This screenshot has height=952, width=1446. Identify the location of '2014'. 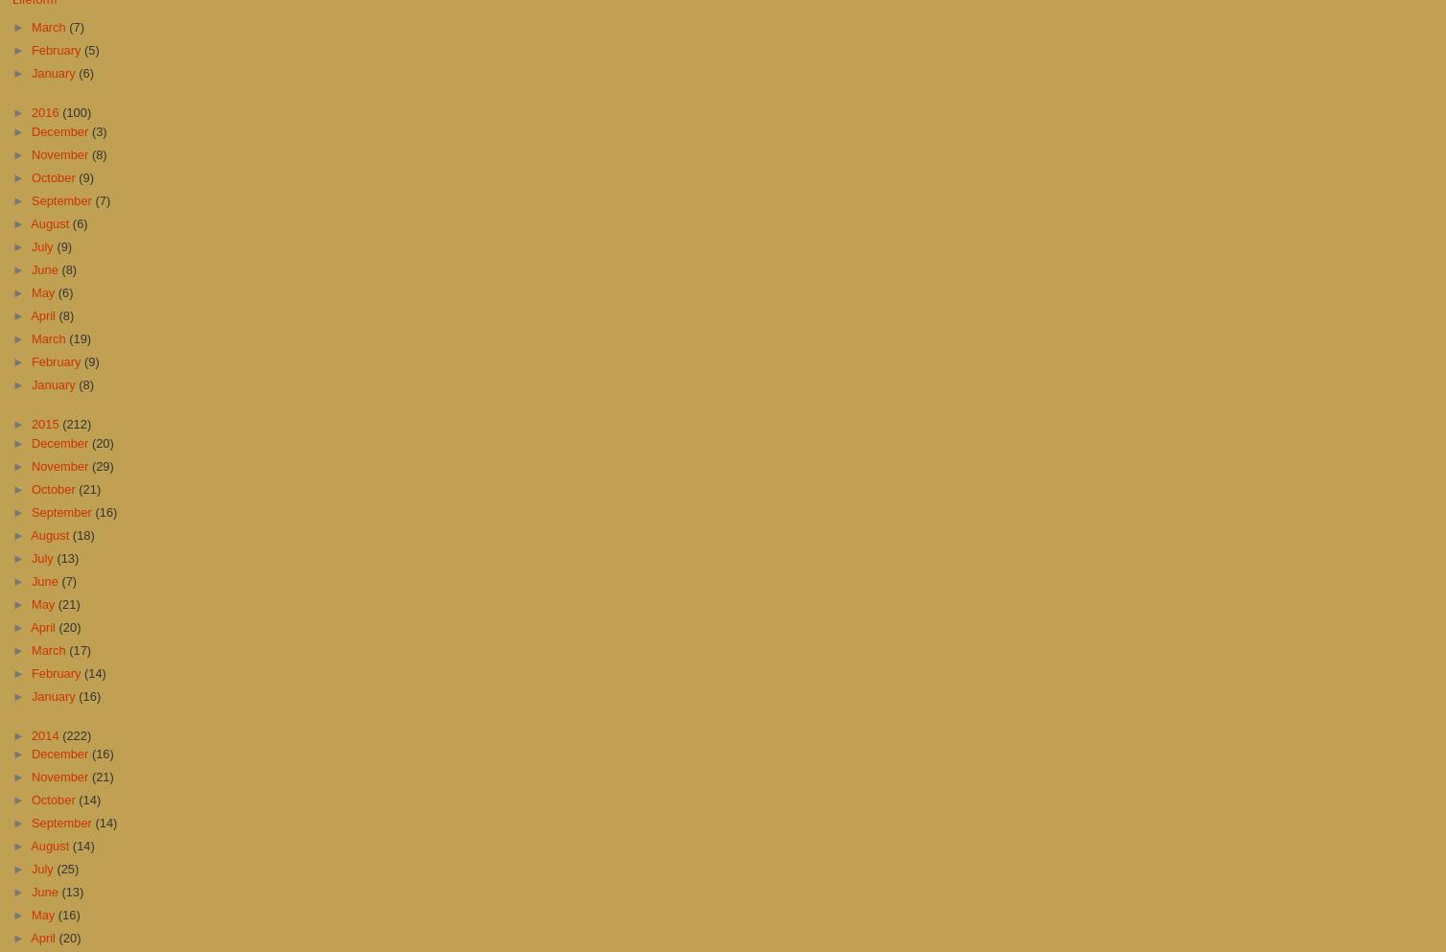
(46, 733).